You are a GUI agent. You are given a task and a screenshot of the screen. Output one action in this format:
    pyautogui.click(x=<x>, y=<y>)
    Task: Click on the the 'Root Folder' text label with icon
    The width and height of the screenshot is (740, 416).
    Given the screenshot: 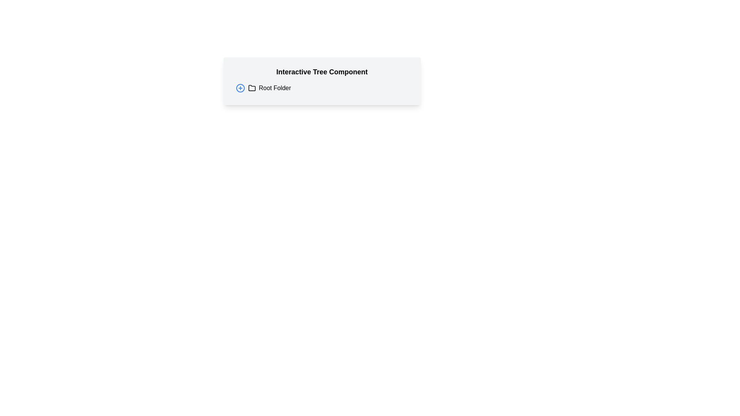 What is the action you would take?
    pyautogui.click(x=269, y=87)
    